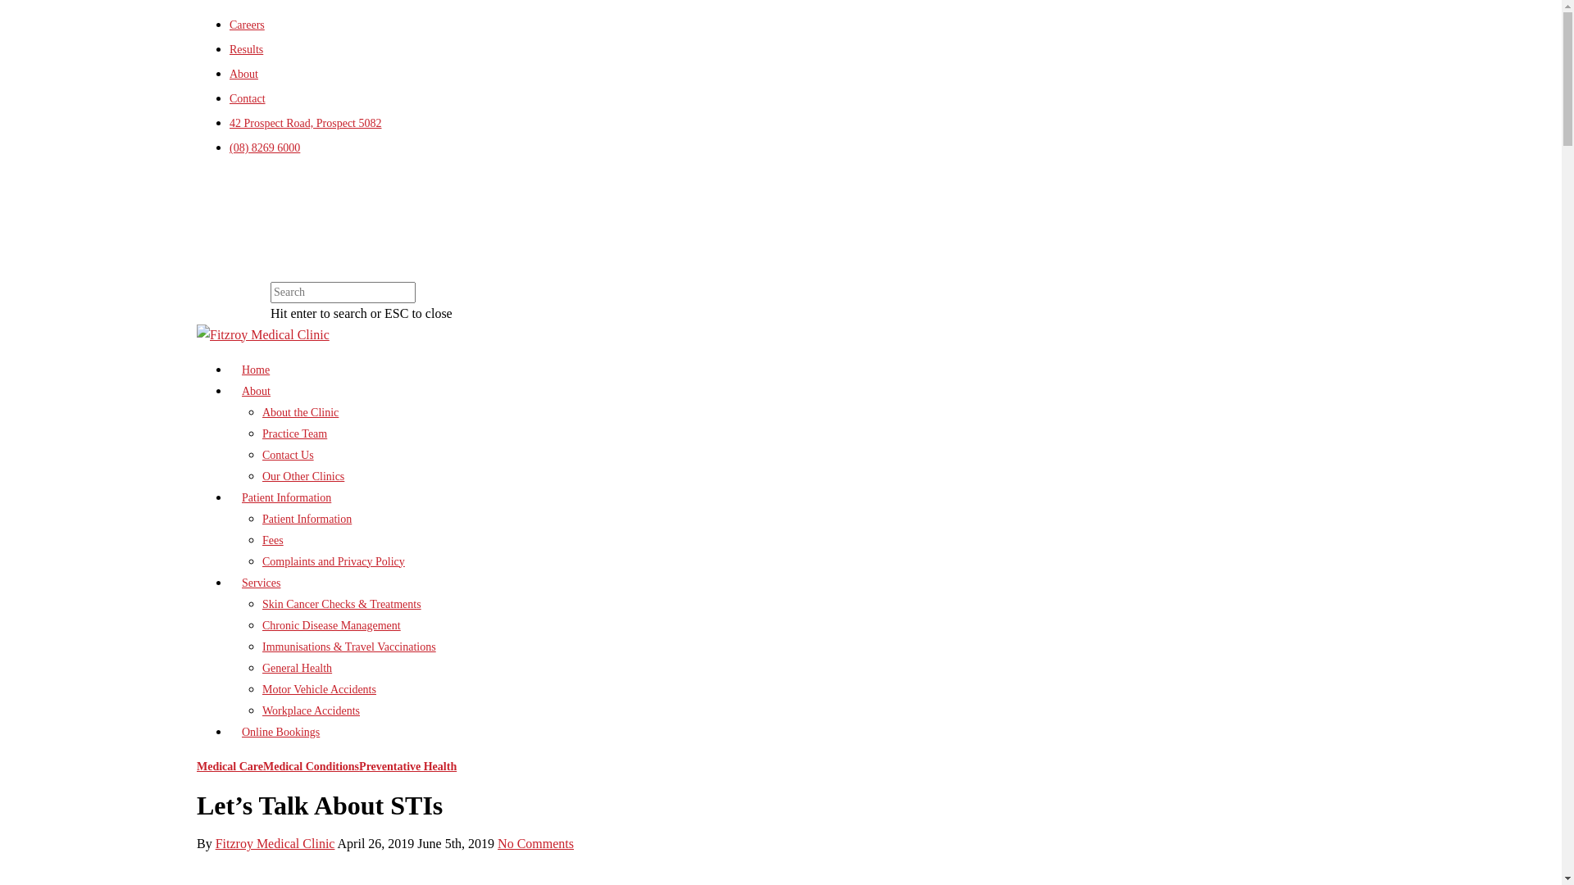  I want to click on 'Practice Team', so click(294, 433).